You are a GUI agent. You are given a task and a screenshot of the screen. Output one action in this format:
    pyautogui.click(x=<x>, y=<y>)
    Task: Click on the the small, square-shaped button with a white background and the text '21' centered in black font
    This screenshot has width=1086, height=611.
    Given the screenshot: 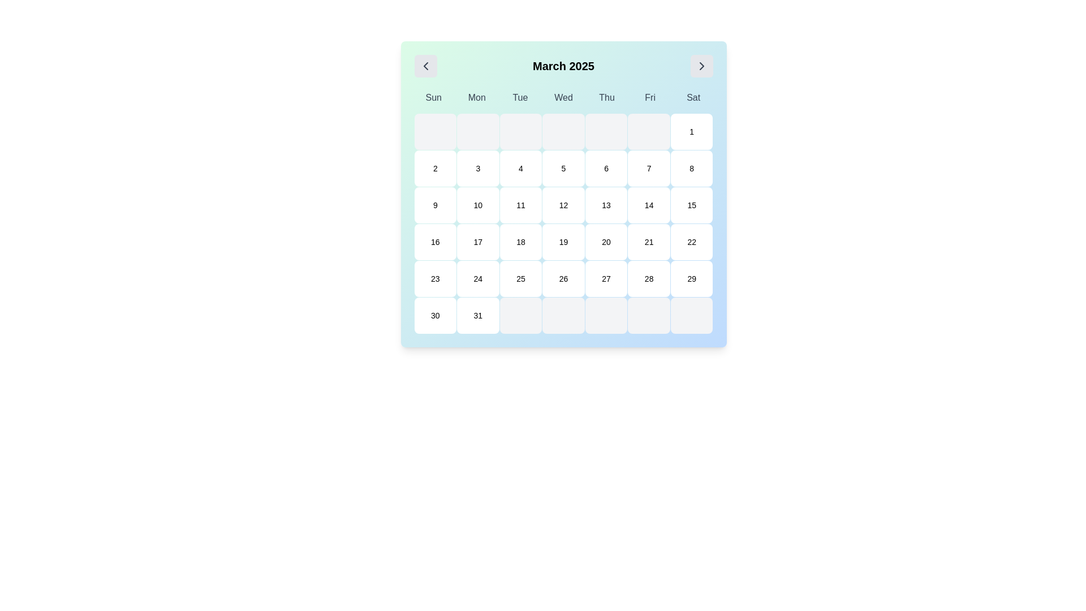 What is the action you would take?
    pyautogui.click(x=649, y=242)
    